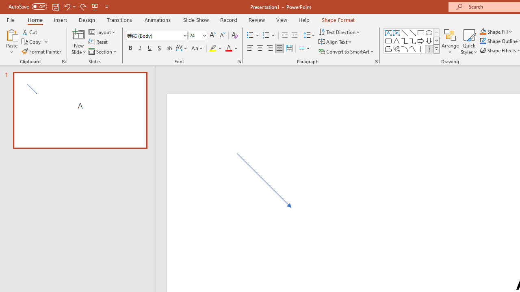 This screenshot has height=292, width=520. Describe the element at coordinates (98, 42) in the screenshot. I see `'Reset'` at that location.